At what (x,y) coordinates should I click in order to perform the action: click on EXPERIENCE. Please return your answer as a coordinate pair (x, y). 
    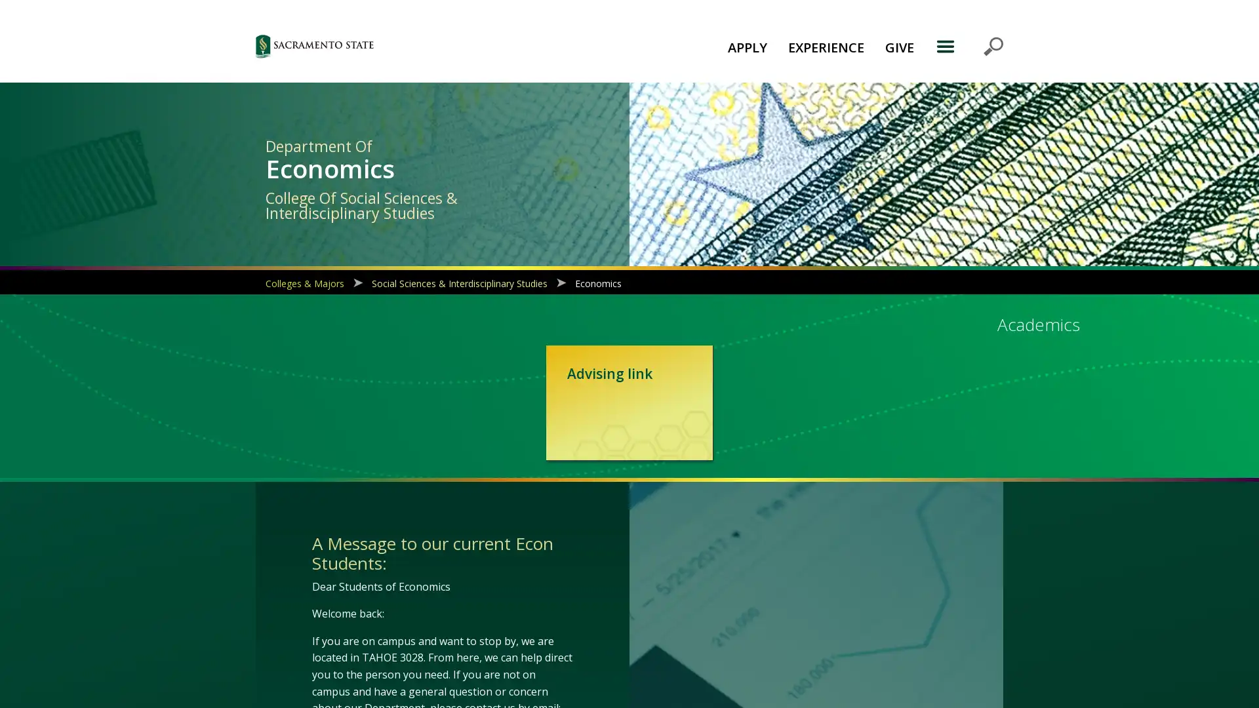
    Looking at the image, I should click on (825, 45).